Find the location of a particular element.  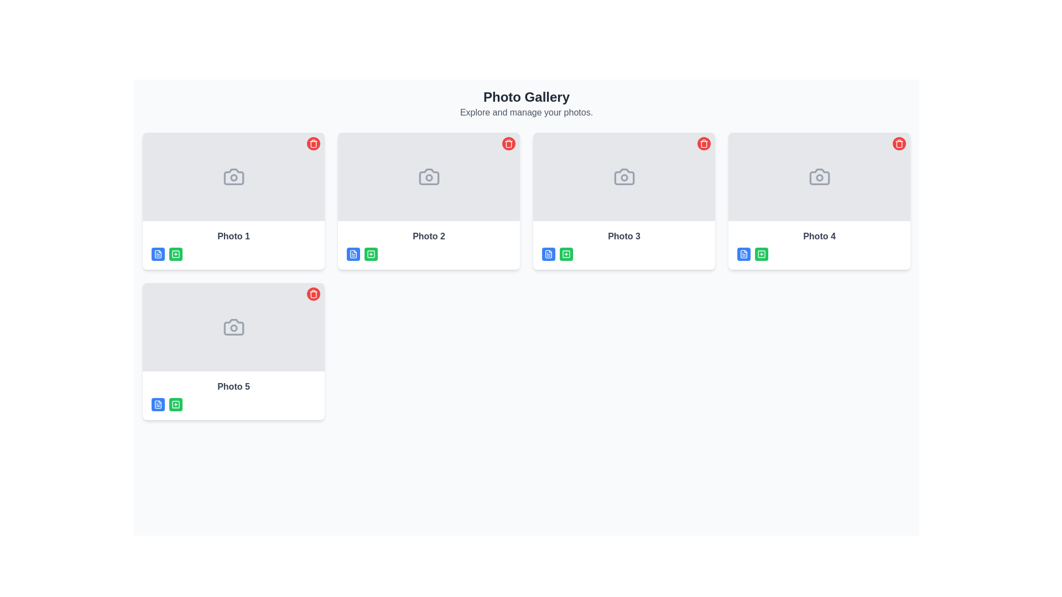

the 'add' button located directly below the 'Photo 3' label, which is the second icon from the left among three icons is located at coordinates (566, 254).